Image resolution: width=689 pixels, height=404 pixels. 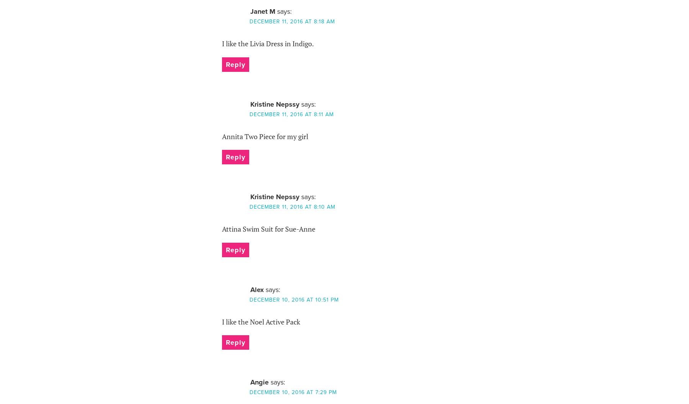 What do you see at coordinates (291, 21) in the screenshot?
I see `'December 11, 2016 at 8:18 am'` at bounding box center [291, 21].